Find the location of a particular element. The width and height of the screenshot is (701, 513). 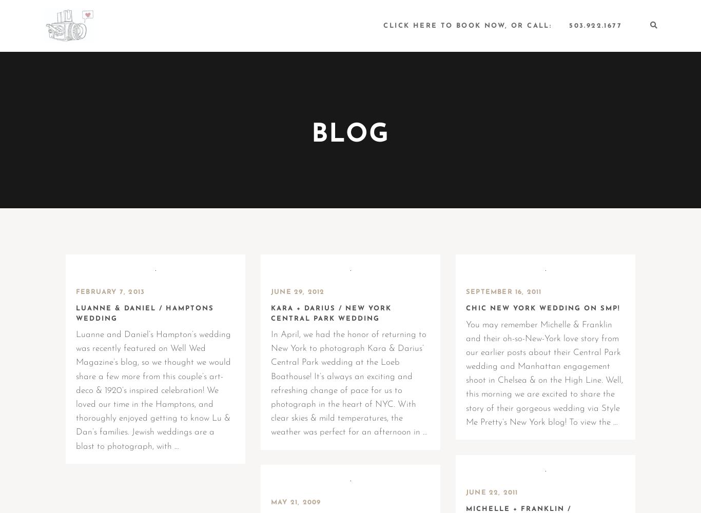

'Kara + Darius / New York Central Park Wedding' is located at coordinates (270, 313).